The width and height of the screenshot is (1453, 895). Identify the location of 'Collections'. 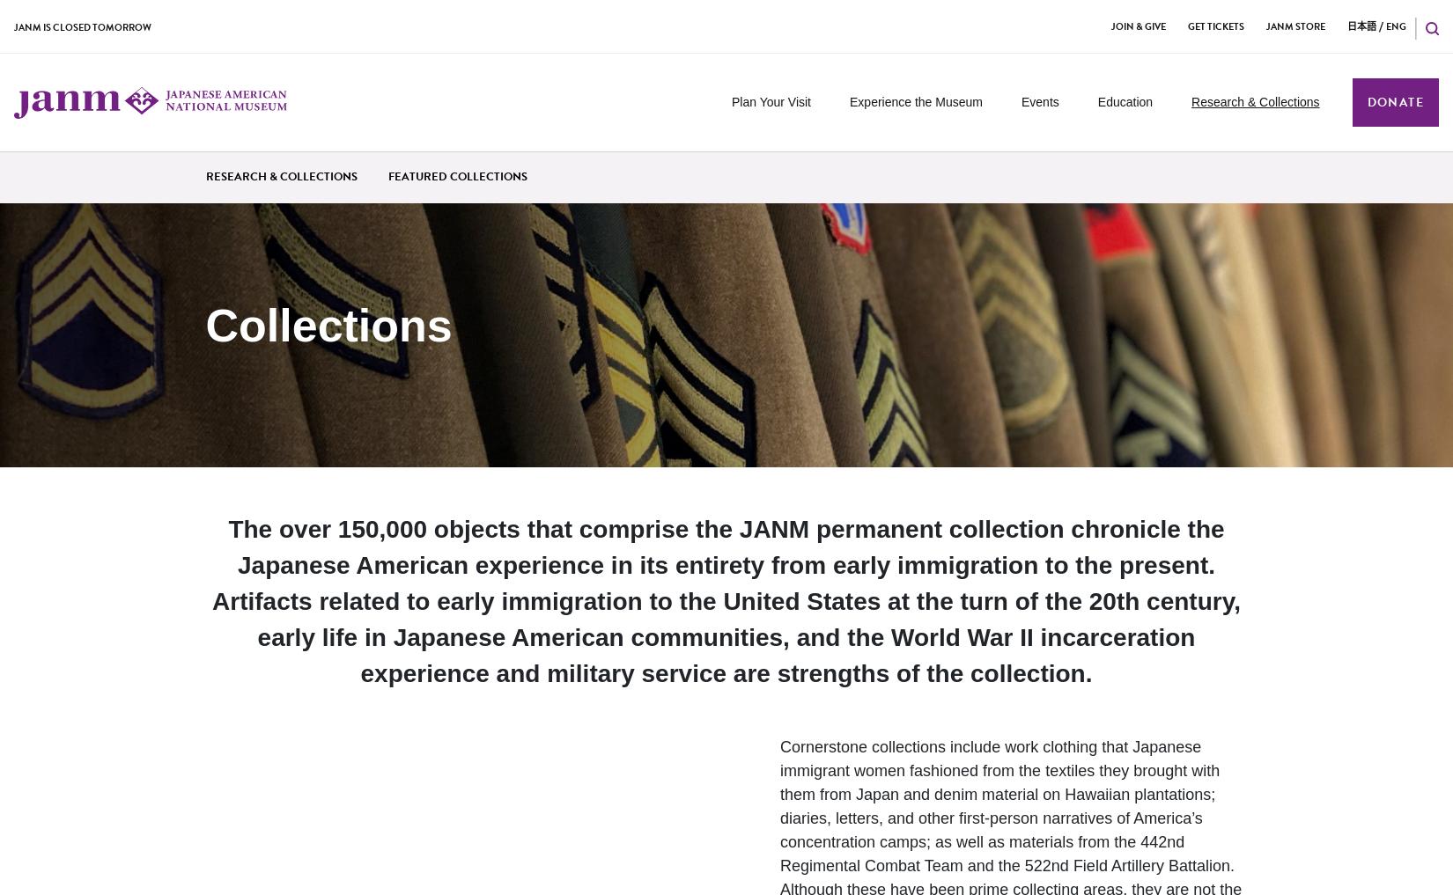
(328, 323).